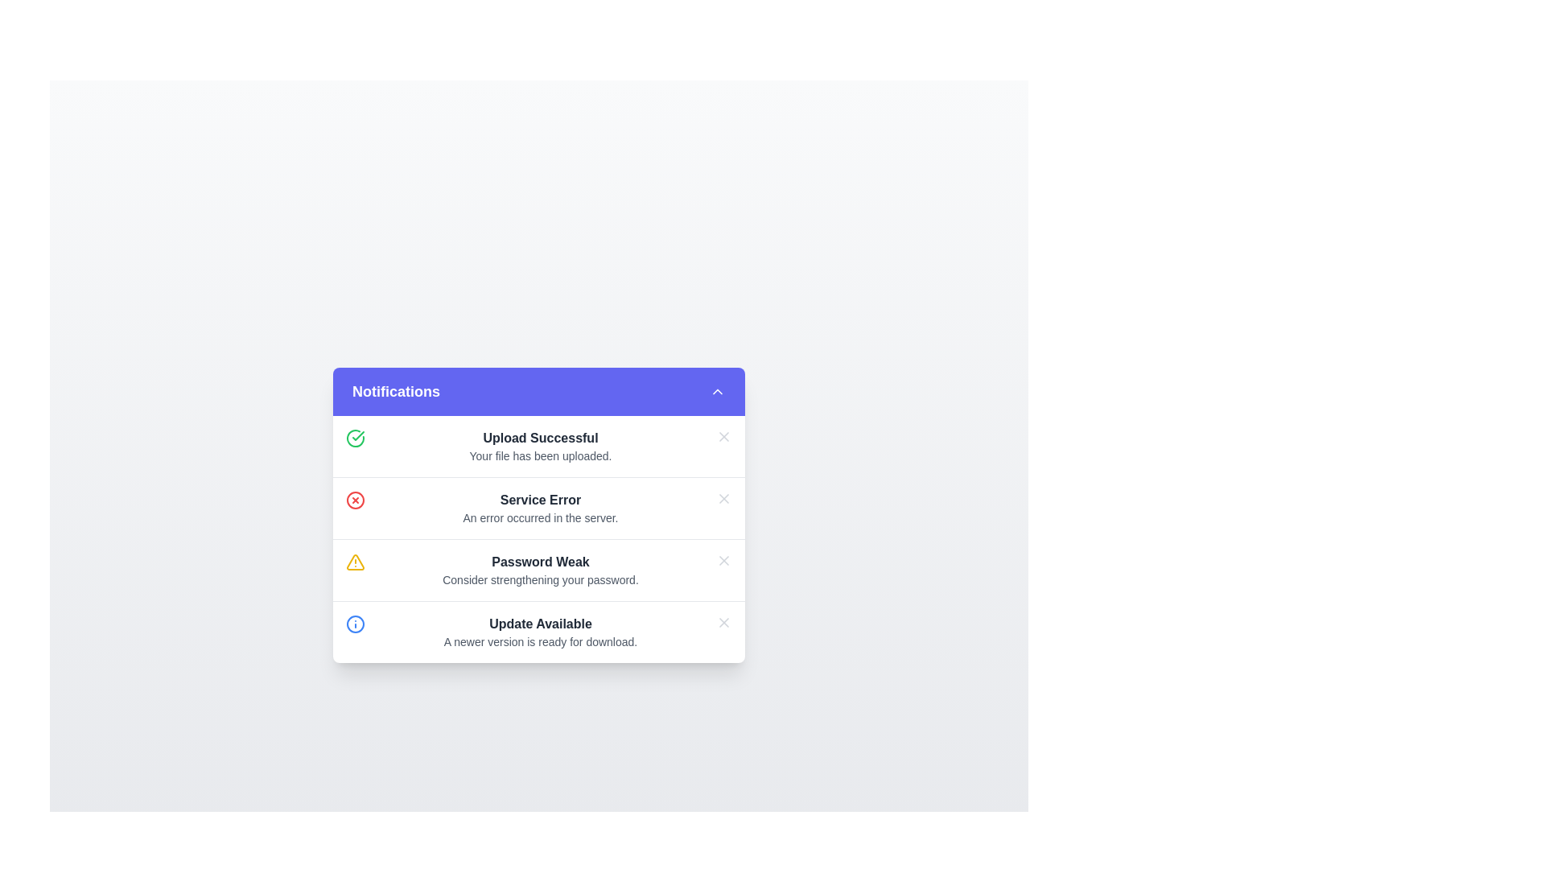 The width and height of the screenshot is (1545, 869). I want to click on notification message display area located at the bottom of the Notifications modal, which informs the user about the availability of an updated version, so click(541, 631).